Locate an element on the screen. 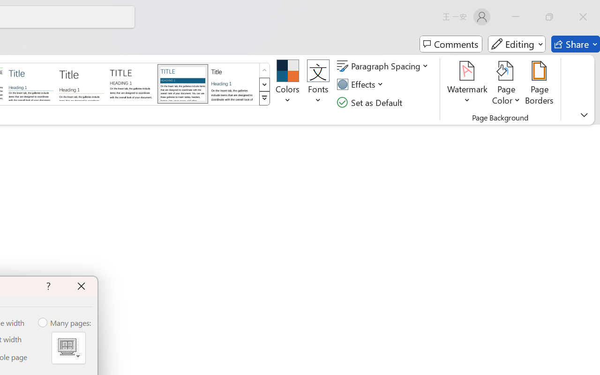 The image size is (600, 375). 'Shaded' is located at coordinates (182, 83).